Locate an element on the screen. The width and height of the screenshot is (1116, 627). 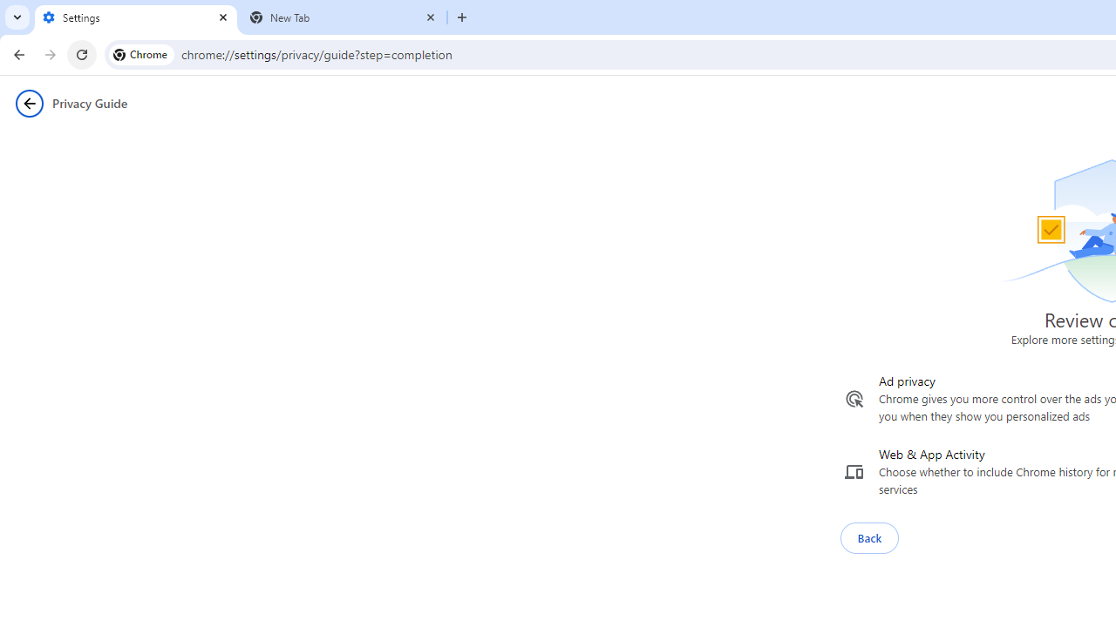
'Settings' is located at coordinates (135, 17).